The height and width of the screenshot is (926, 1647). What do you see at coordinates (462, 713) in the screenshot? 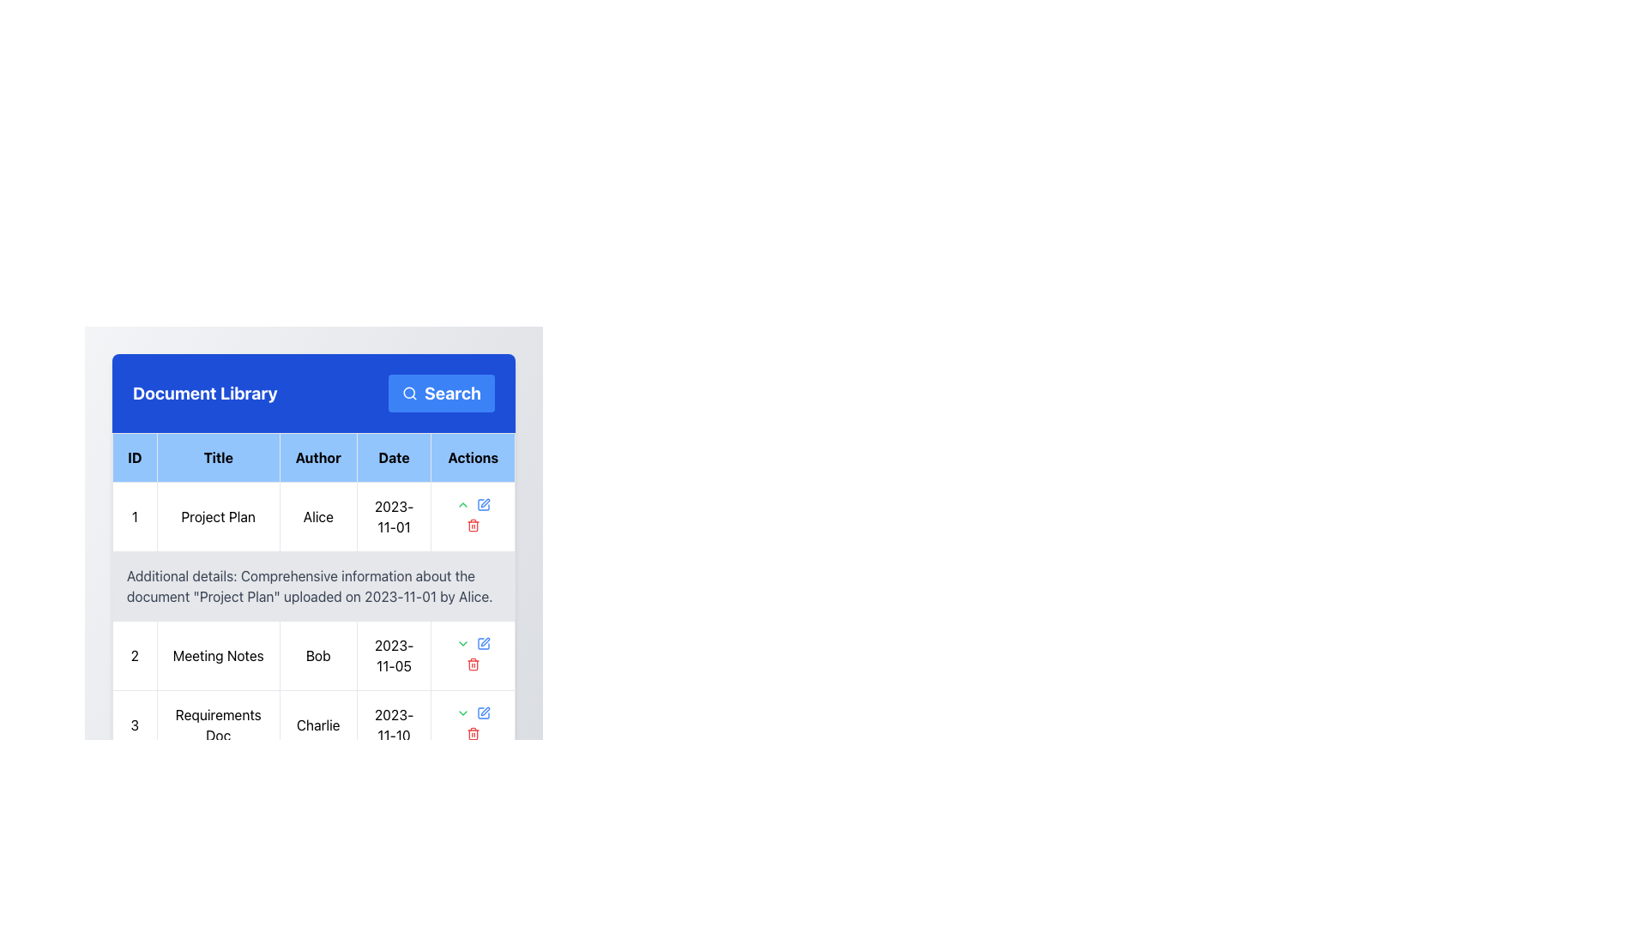
I see `the green downward arrow icon in the 'Actions' column of the document table next to 'Project Plan'` at bounding box center [462, 713].